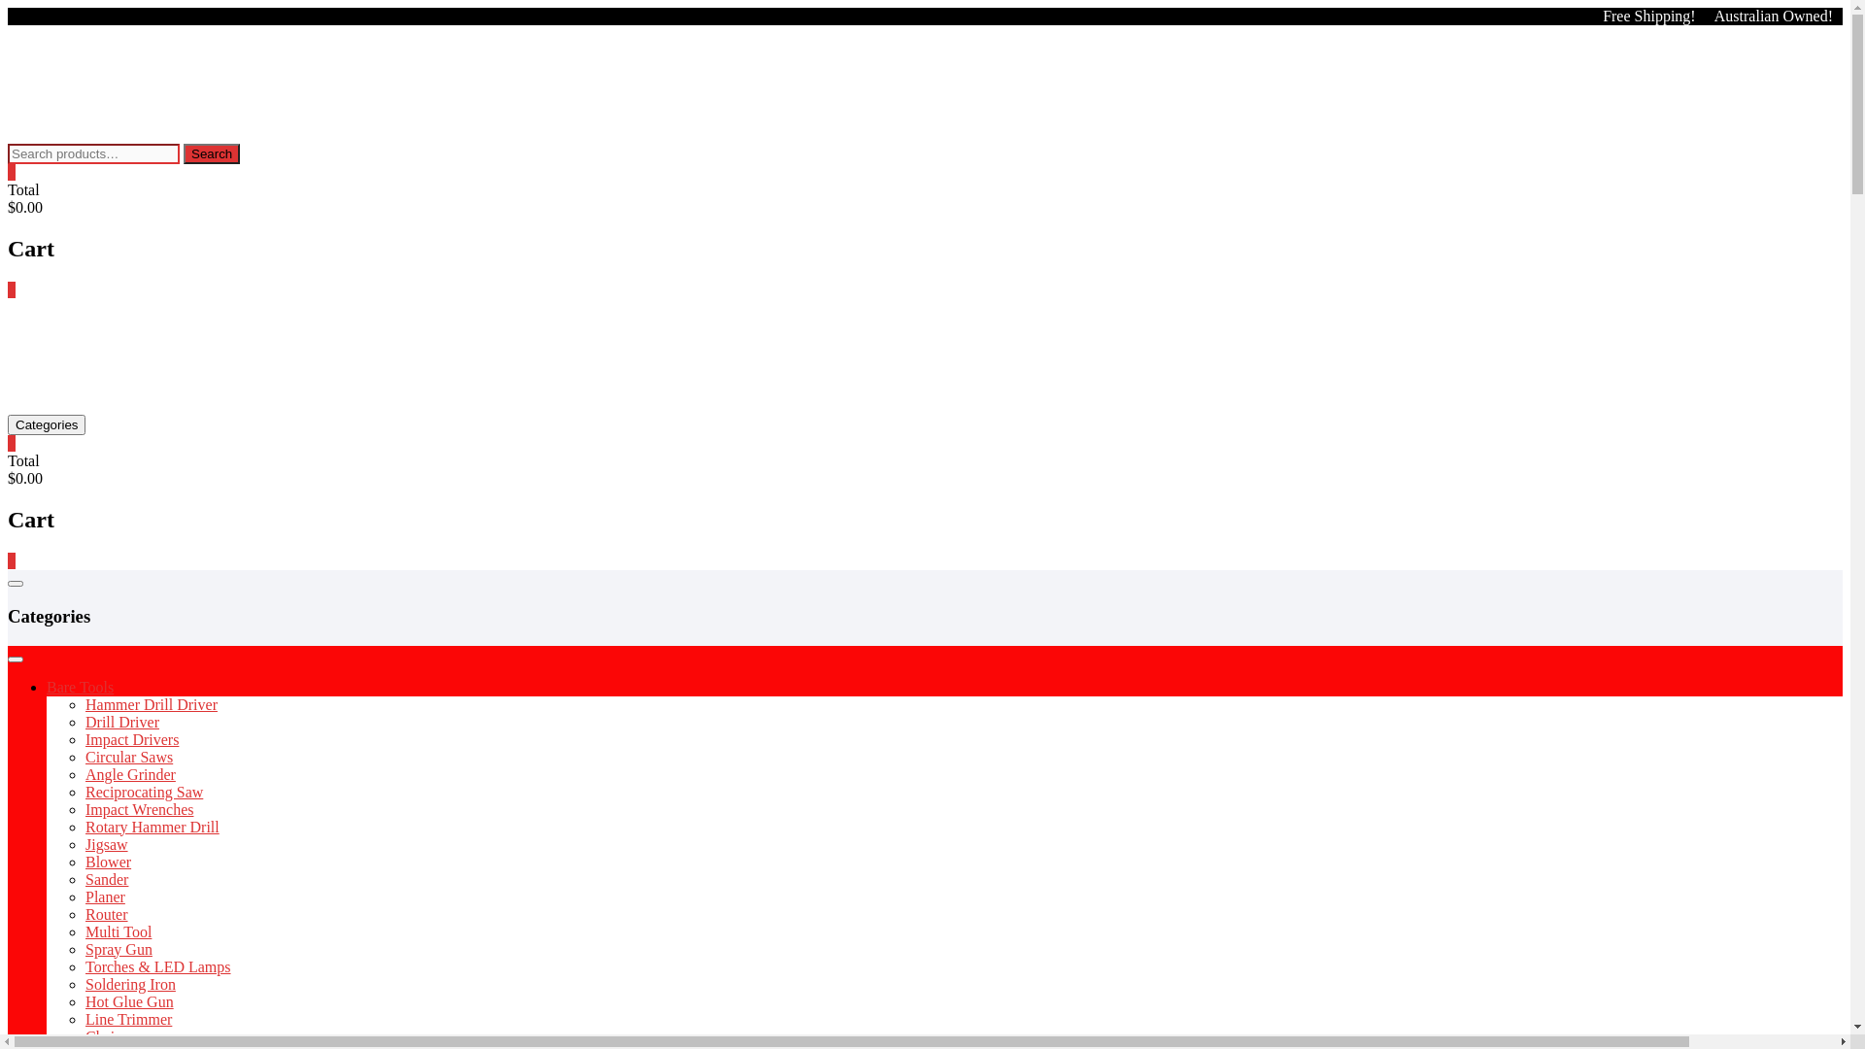 This screenshot has height=1049, width=1865. Describe the element at coordinates (128, 1001) in the screenshot. I see `'Hot Glue Gun'` at that location.